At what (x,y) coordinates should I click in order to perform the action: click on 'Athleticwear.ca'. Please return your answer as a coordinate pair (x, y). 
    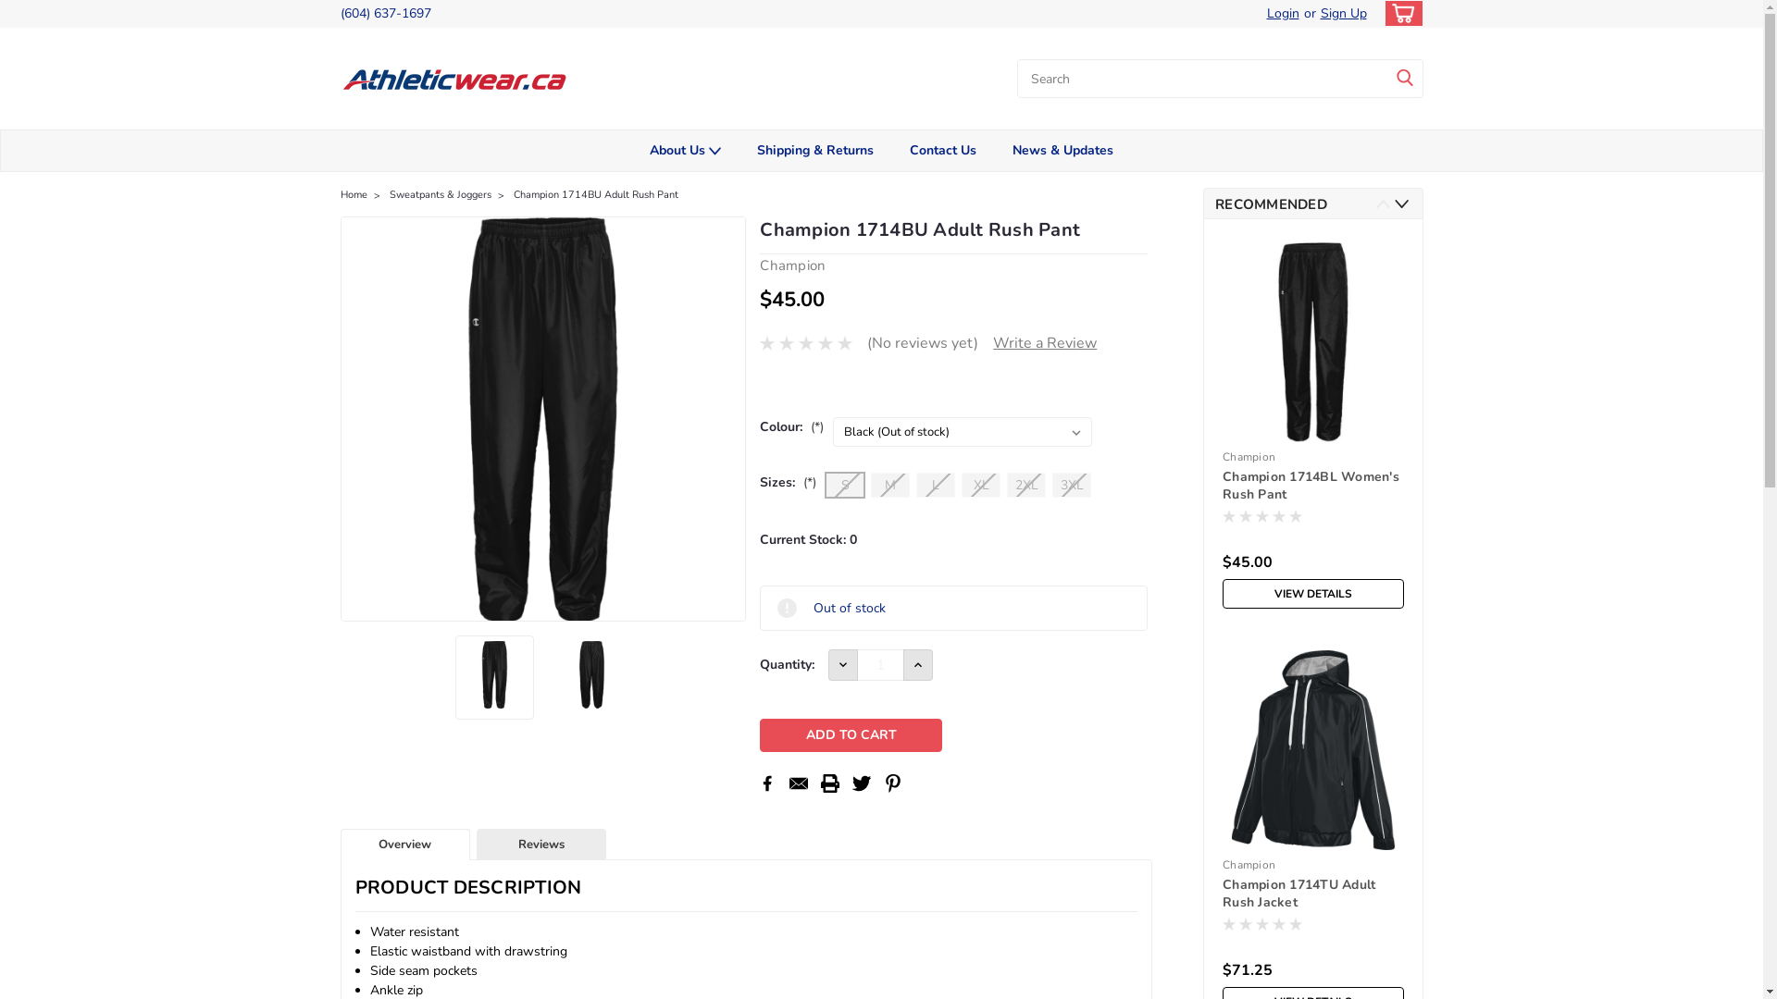
    Looking at the image, I should click on (456, 77).